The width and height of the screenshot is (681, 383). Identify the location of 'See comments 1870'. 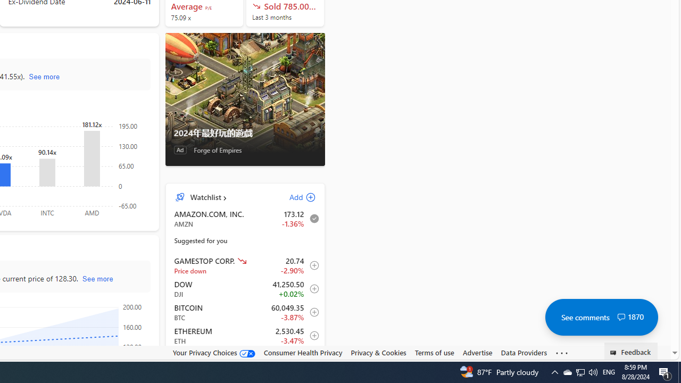
(601, 317).